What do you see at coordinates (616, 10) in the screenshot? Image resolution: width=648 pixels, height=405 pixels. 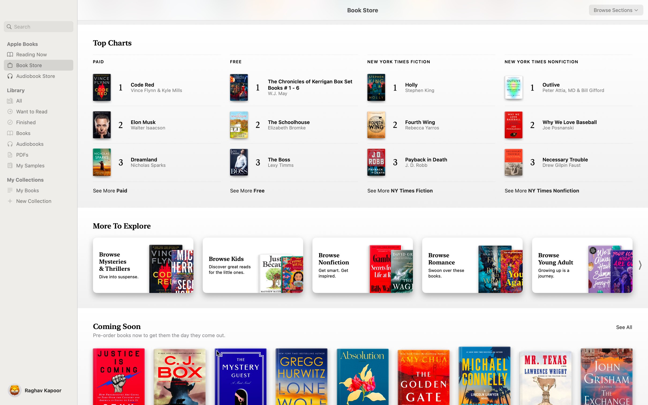 I see `Use the dropdown on the top right to find and select the Sci-fi book section` at bounding box center [616, 10].